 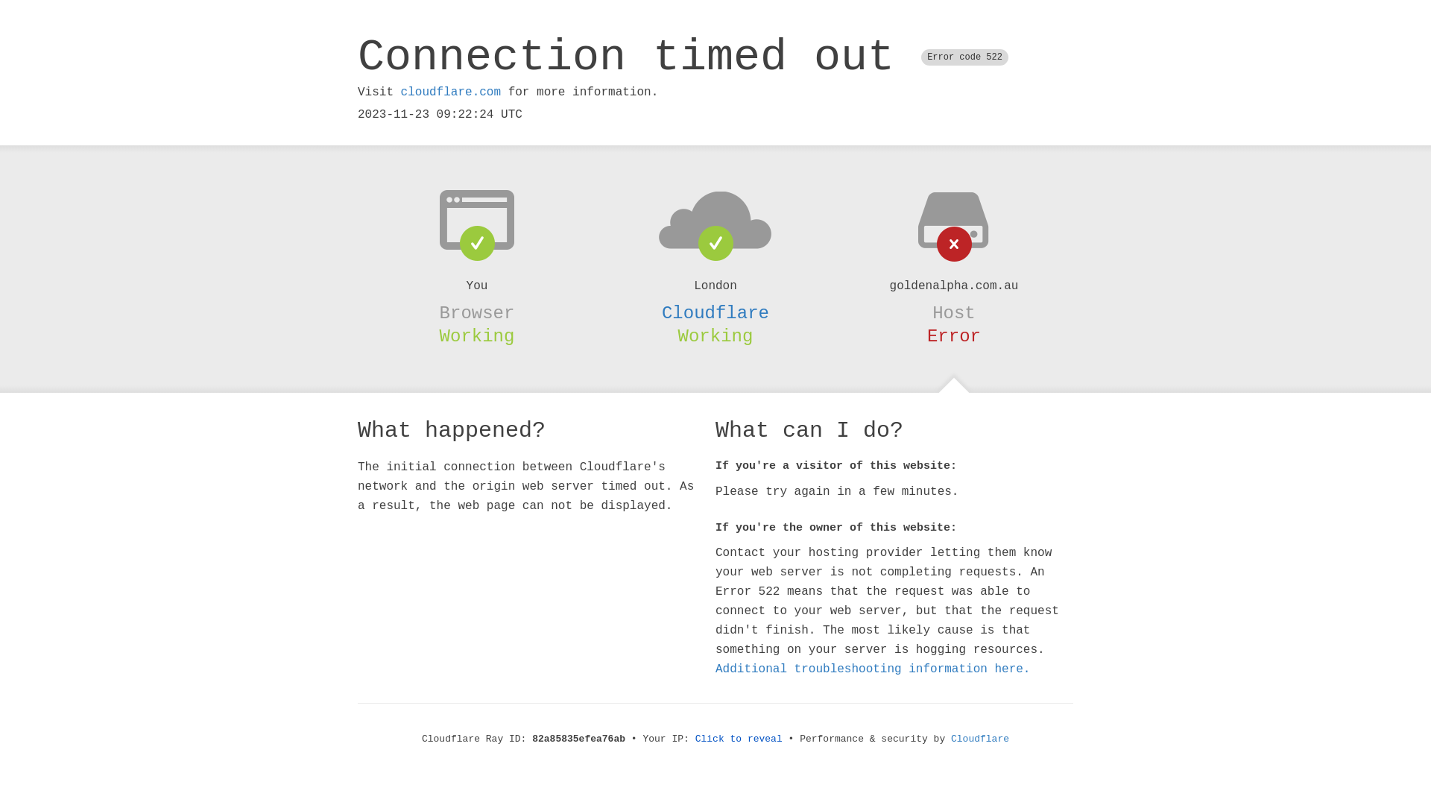 I want to click on 'Click to reveal', so click(x=739, y=739).